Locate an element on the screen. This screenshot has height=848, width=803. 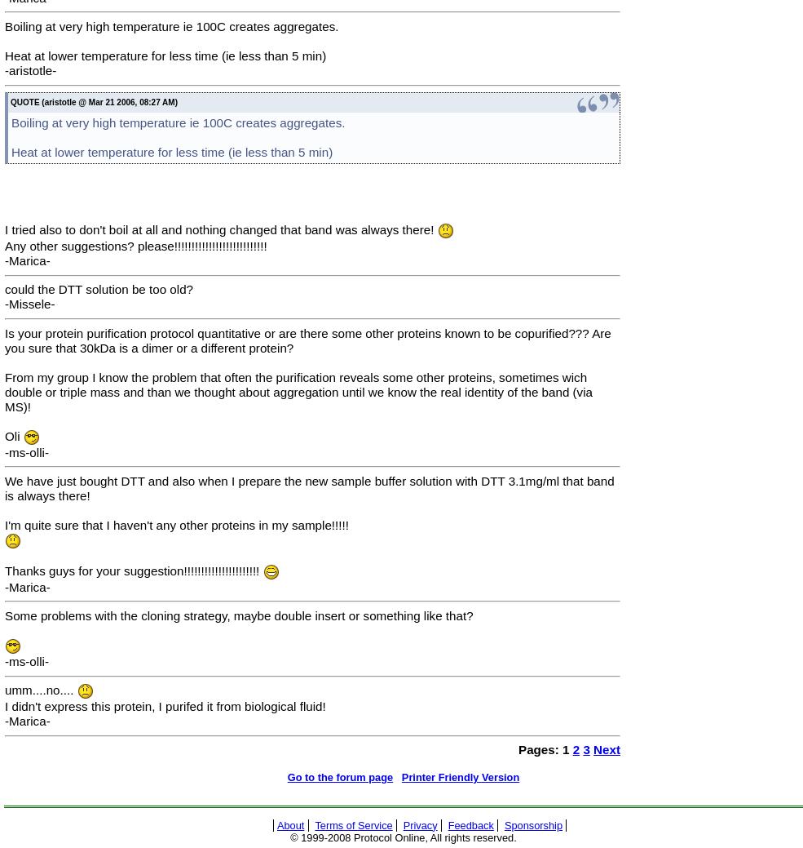
'-Missele-' is located at coordinates (29, 303).